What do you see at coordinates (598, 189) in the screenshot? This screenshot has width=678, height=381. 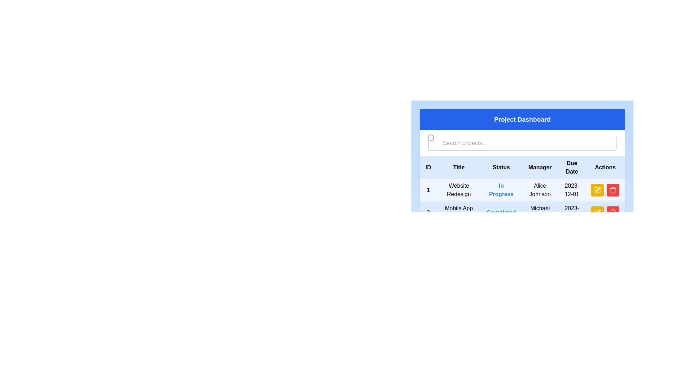 I see `the pen icon in the Actions column of the first row` at bounding box center [598, 189].